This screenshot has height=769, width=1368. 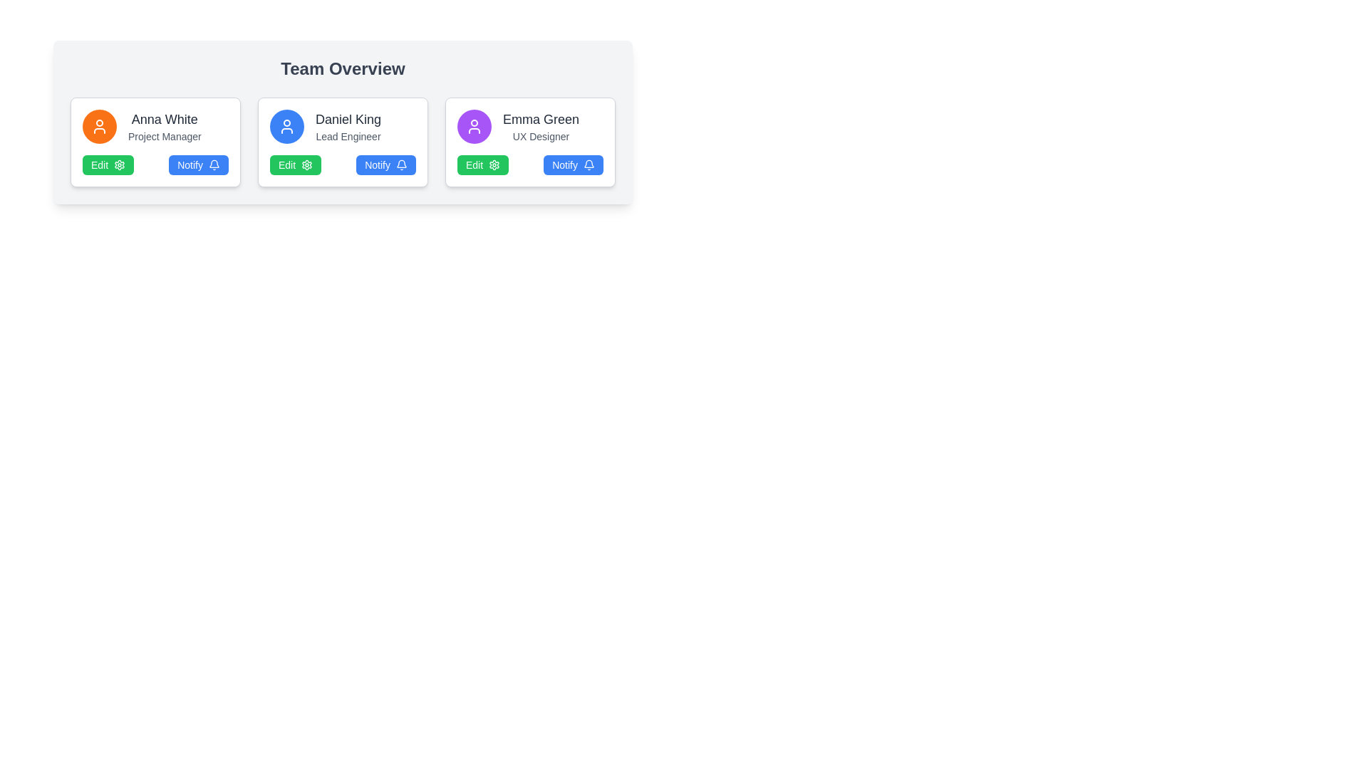 What do you see at coordinates (306, 164) in the screenshot?
I see `the green circular gear icon located within the 'Edit' button under Daniel King's profile card` at bounding box center [306, 164].